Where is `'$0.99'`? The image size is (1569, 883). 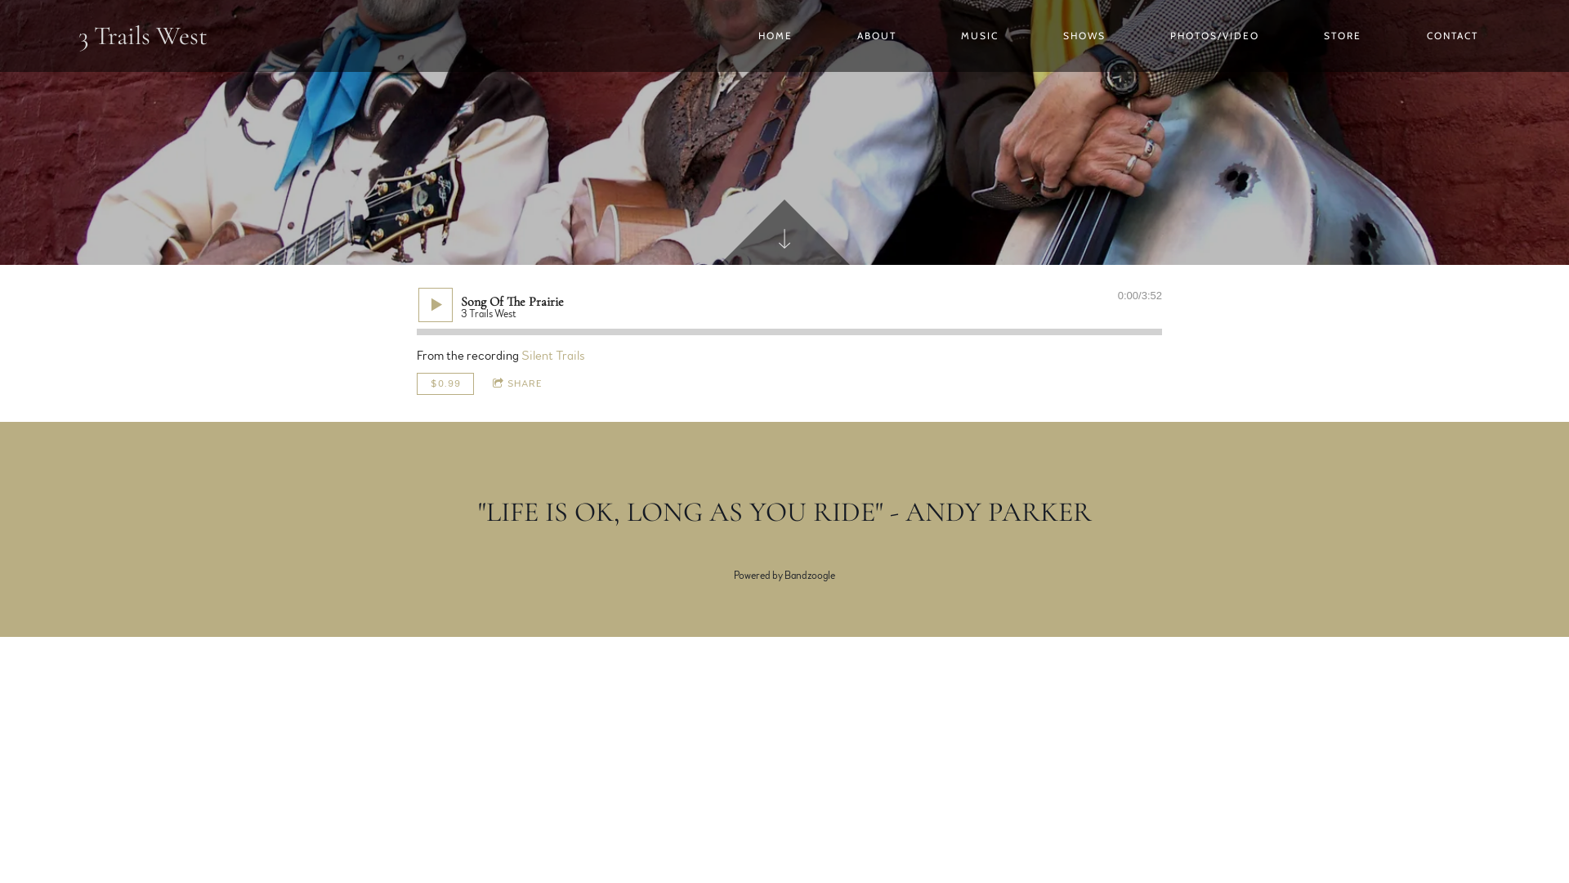 '$0.99' is located at coordinates (445, 383).